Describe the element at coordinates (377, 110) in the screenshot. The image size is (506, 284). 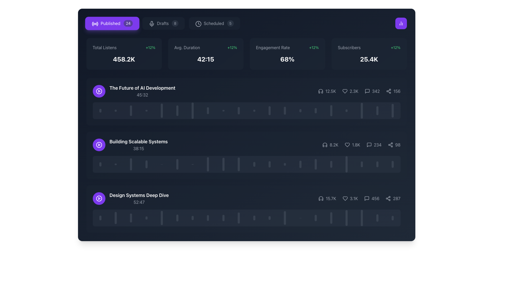
I see `the 19th visual indicator bar in the horizontal grouping located beneath the title 'Building Scalable Systems'` at that location.